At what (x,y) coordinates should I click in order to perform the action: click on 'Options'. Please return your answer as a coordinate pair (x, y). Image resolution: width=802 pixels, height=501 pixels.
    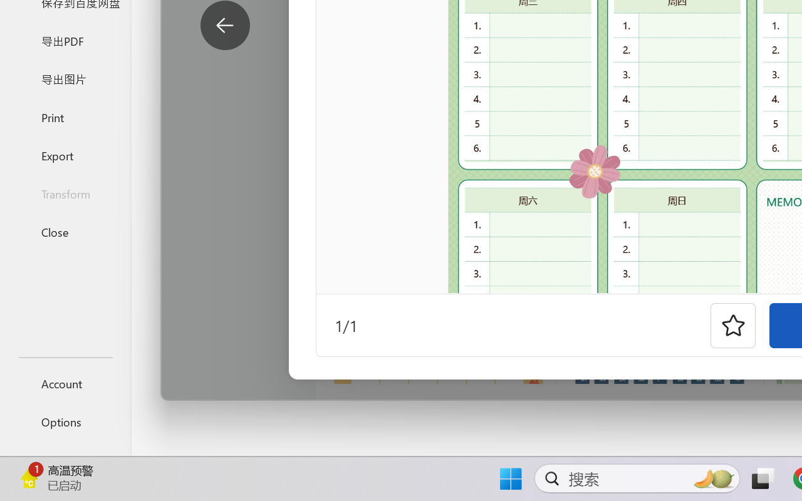
    Looking at the image, I should click on (65, 421).